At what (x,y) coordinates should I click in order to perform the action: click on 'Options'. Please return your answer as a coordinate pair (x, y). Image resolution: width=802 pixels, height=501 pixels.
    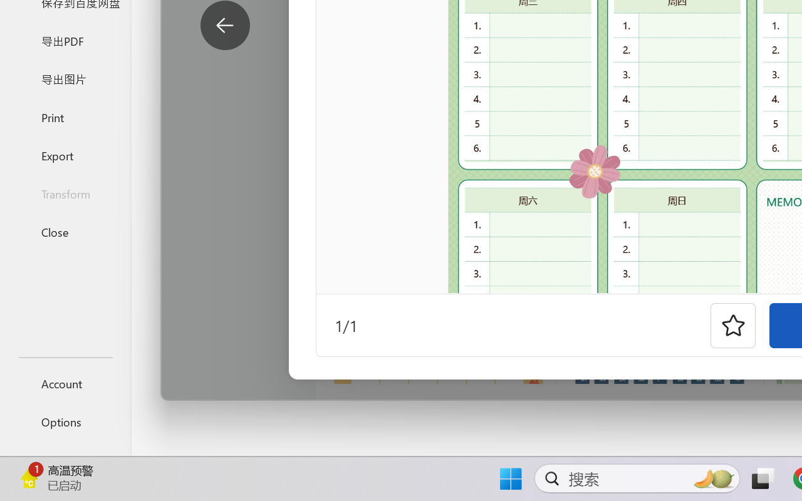
    Looking at the image, I should click on (65, 421).